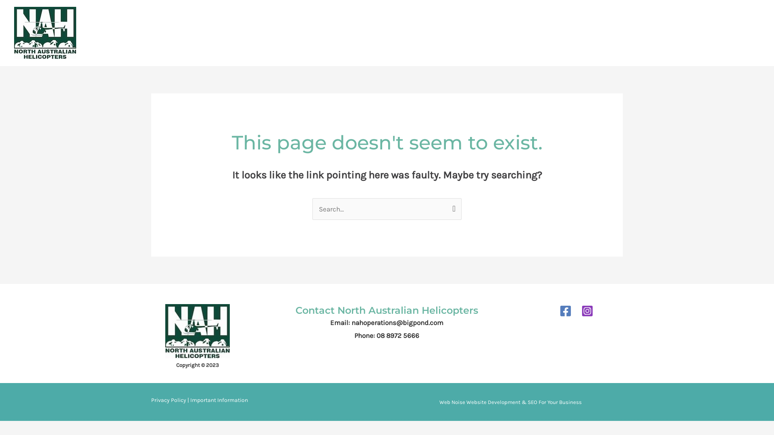 The height and width of the screenshot is (435, 774). Describe the element at coordinates (397, 322) in the screenshot. I see `'nahoperations@bigpond.com'` at that location.